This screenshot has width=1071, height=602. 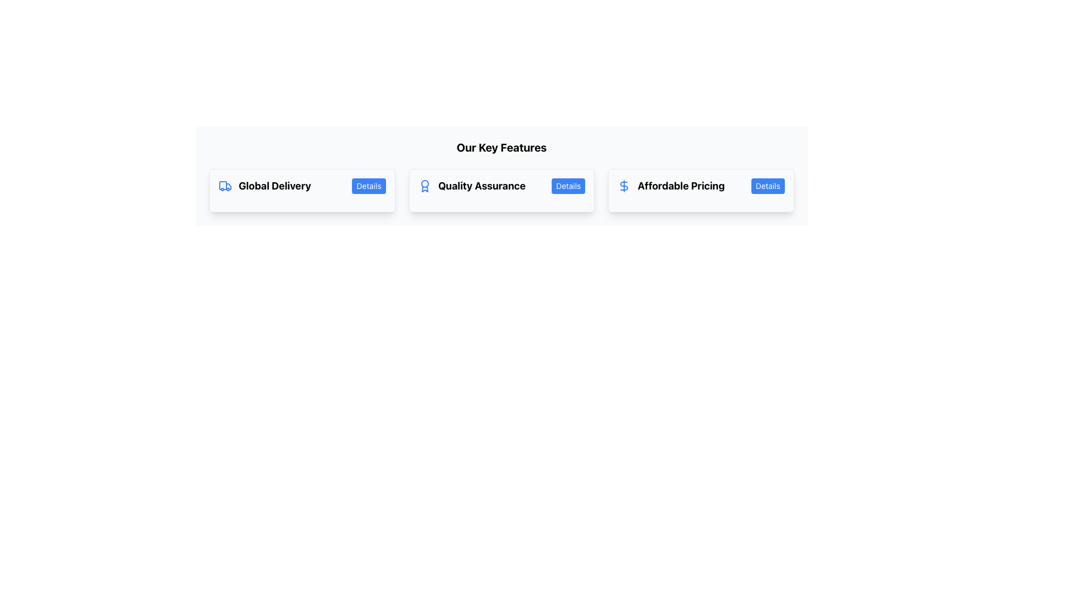 I want to click on the 'Quality Assurance' Text and Icon Group within the Card Component to trigger a visual effect, so click(x=501, y=186).